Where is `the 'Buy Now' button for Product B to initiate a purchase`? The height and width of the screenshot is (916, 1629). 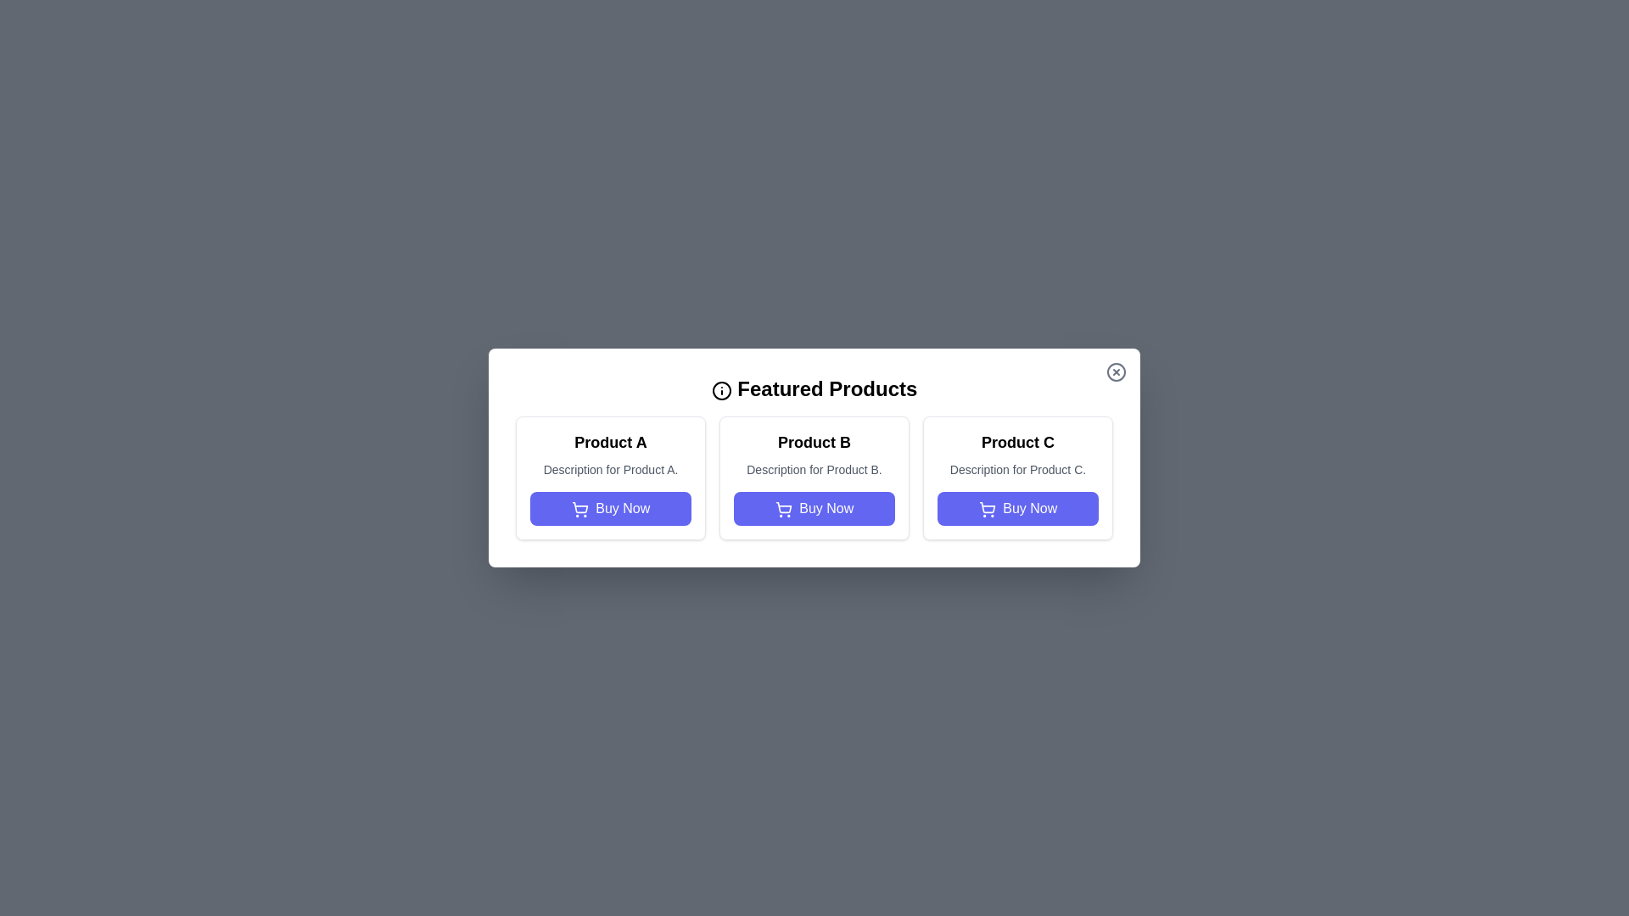 the 'Buy Now' button for Product B to initiate a purchase is located at coordinates (814, 508).